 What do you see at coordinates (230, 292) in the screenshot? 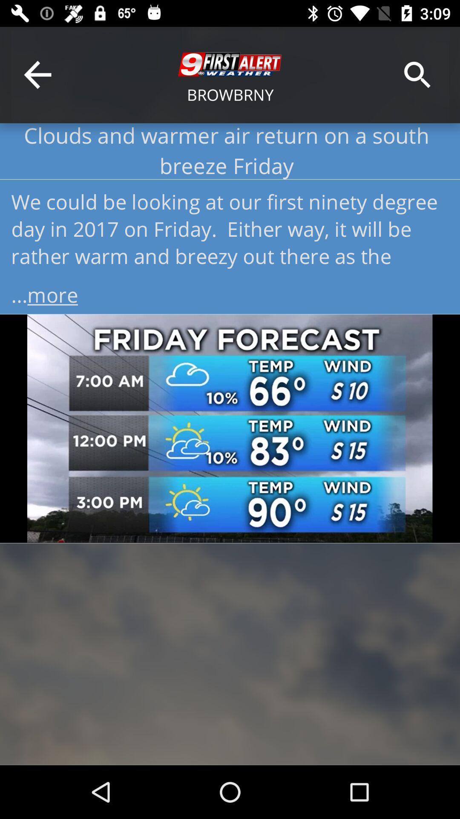
I see `...more` at bounding box center [230, 292].